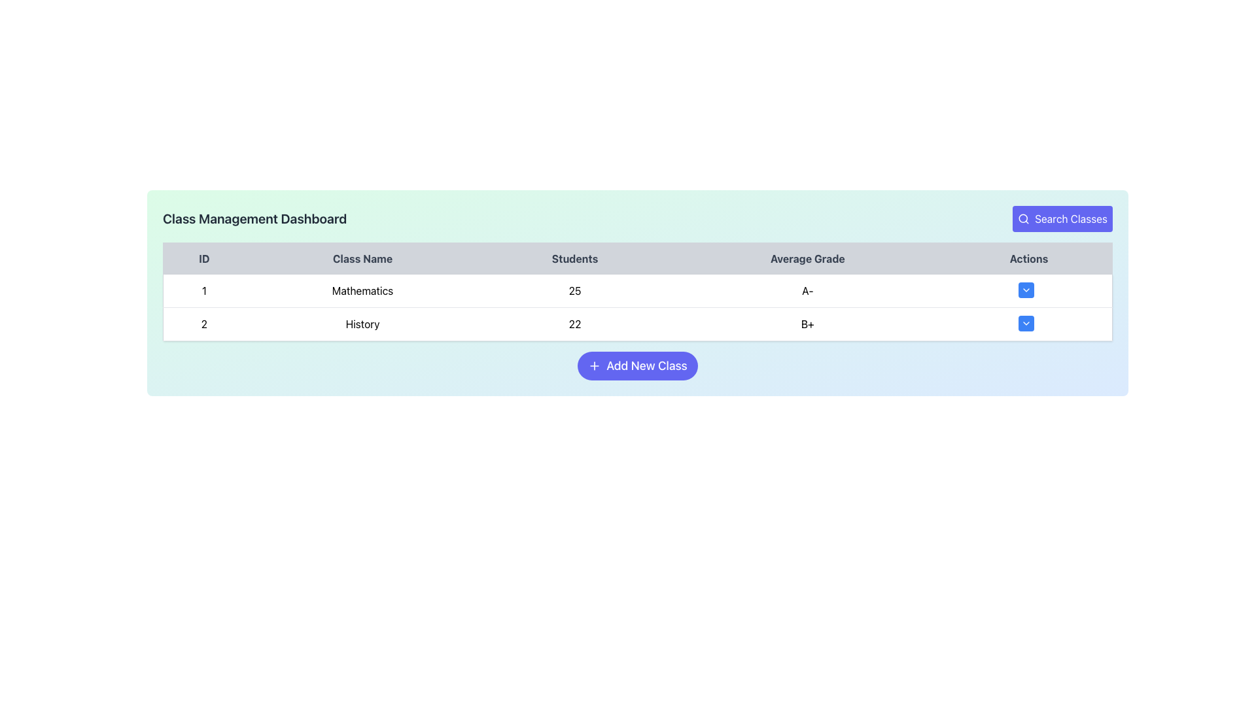 Image resolution: width=1256 pixels, height=706 pixels. I want to click on the 'Mathematics' text label in the 'Class Name' column of the 'Class Management Dashboard' interface, so click(362, 290).